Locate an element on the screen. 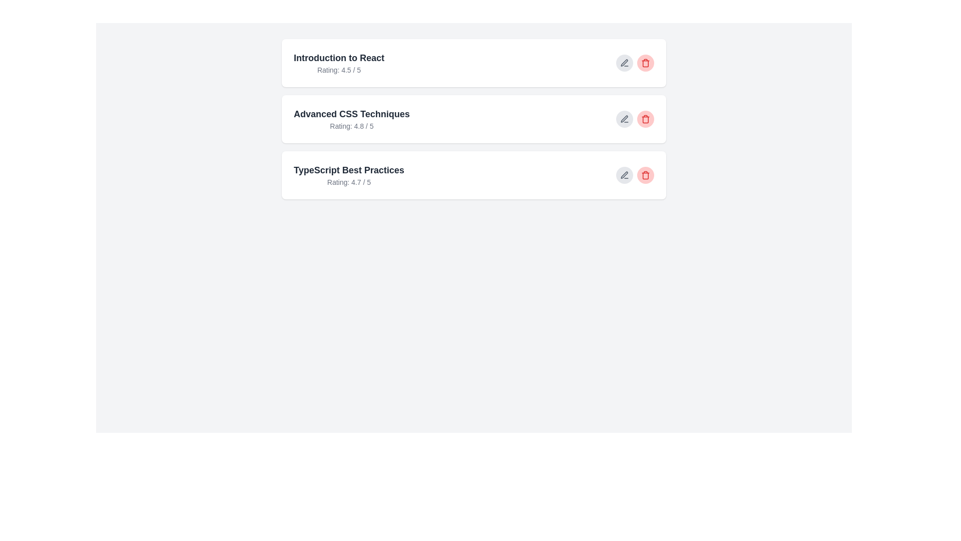 The height and width of the screenshot is (541, 961). displayed text of the course title 'Introduction to React' with a rating of '4.5 / 5' from the top of the vertical list of courses is located at coordinates (339, 63).